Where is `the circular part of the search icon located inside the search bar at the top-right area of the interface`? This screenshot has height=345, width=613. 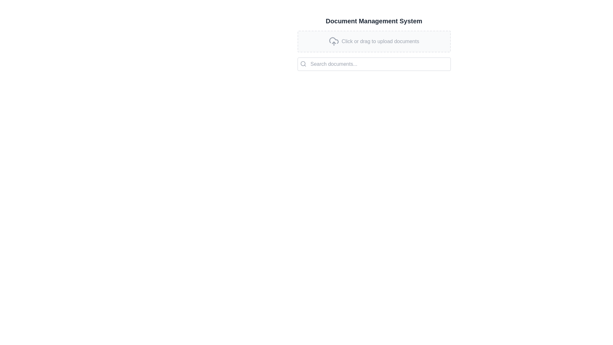 the circular part of the search icon located inside the search bar at the top-right area of the interface is located at coordinates (302, 64).